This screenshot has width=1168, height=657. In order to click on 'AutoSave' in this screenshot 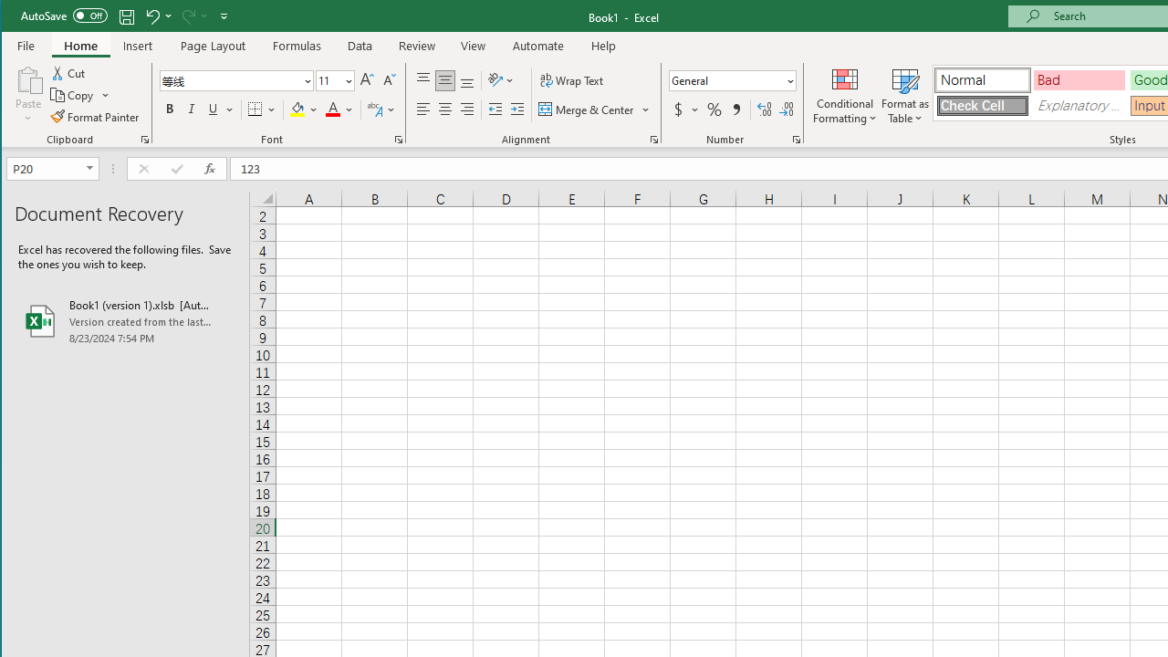, I will do `click(64, 16)`.